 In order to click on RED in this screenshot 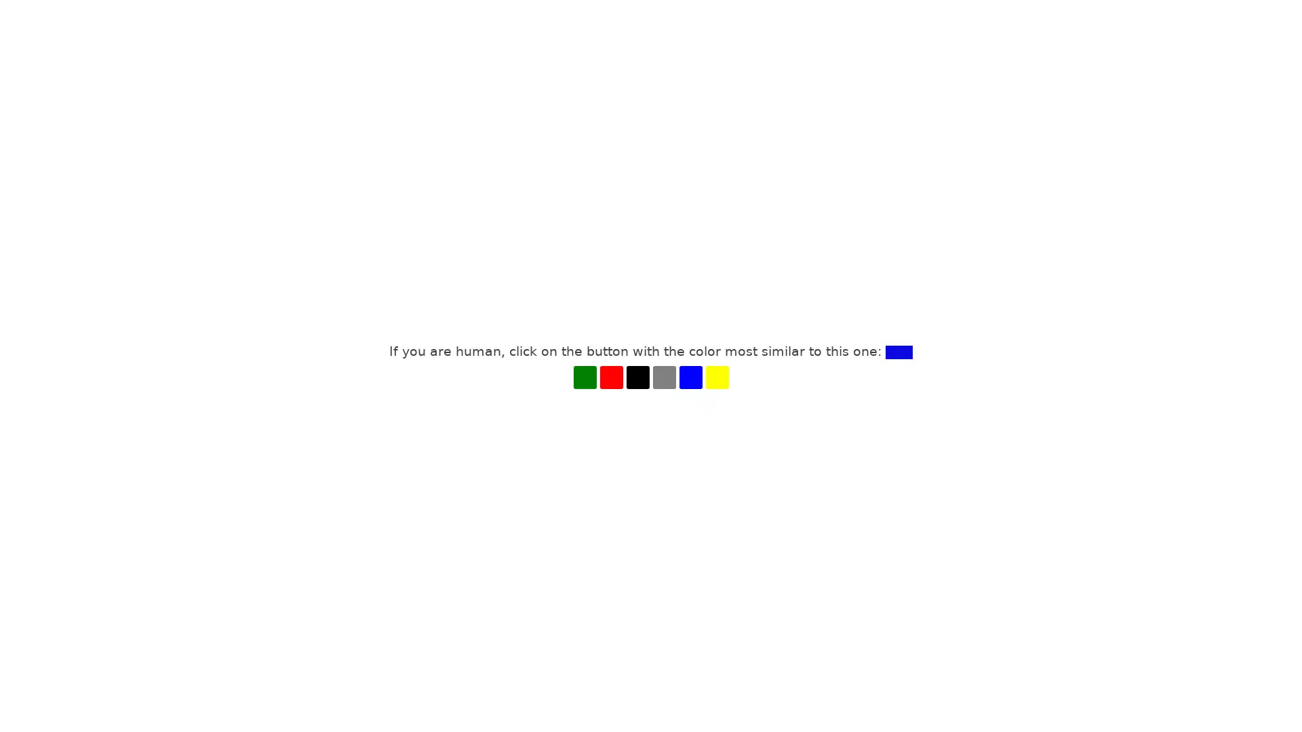, I will do `click(610, 376)`.